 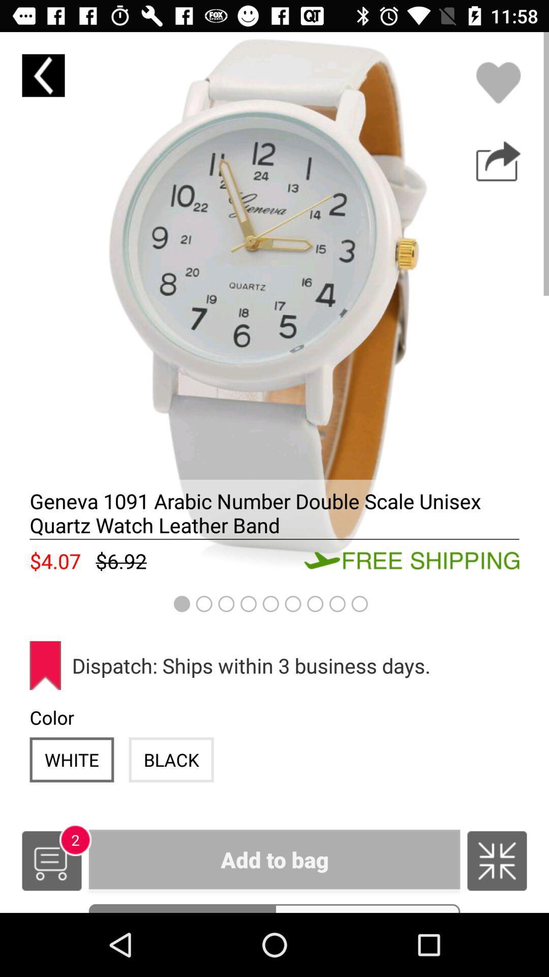 What do you see at coordinates (71, 760) in the screenshot?
I see `the icon above the 2` at bounding box center [71, 760].